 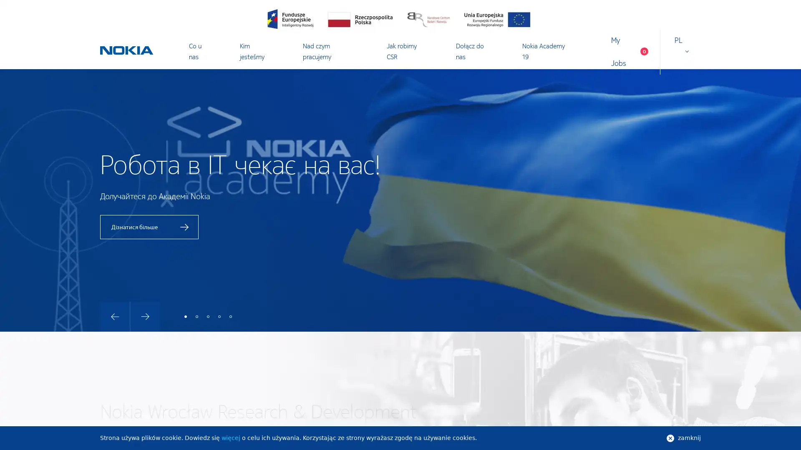 What do you see at coordinates (219, 316) in the screenshot?
I see `Go to slide 4` at bounding box center [219, 316].